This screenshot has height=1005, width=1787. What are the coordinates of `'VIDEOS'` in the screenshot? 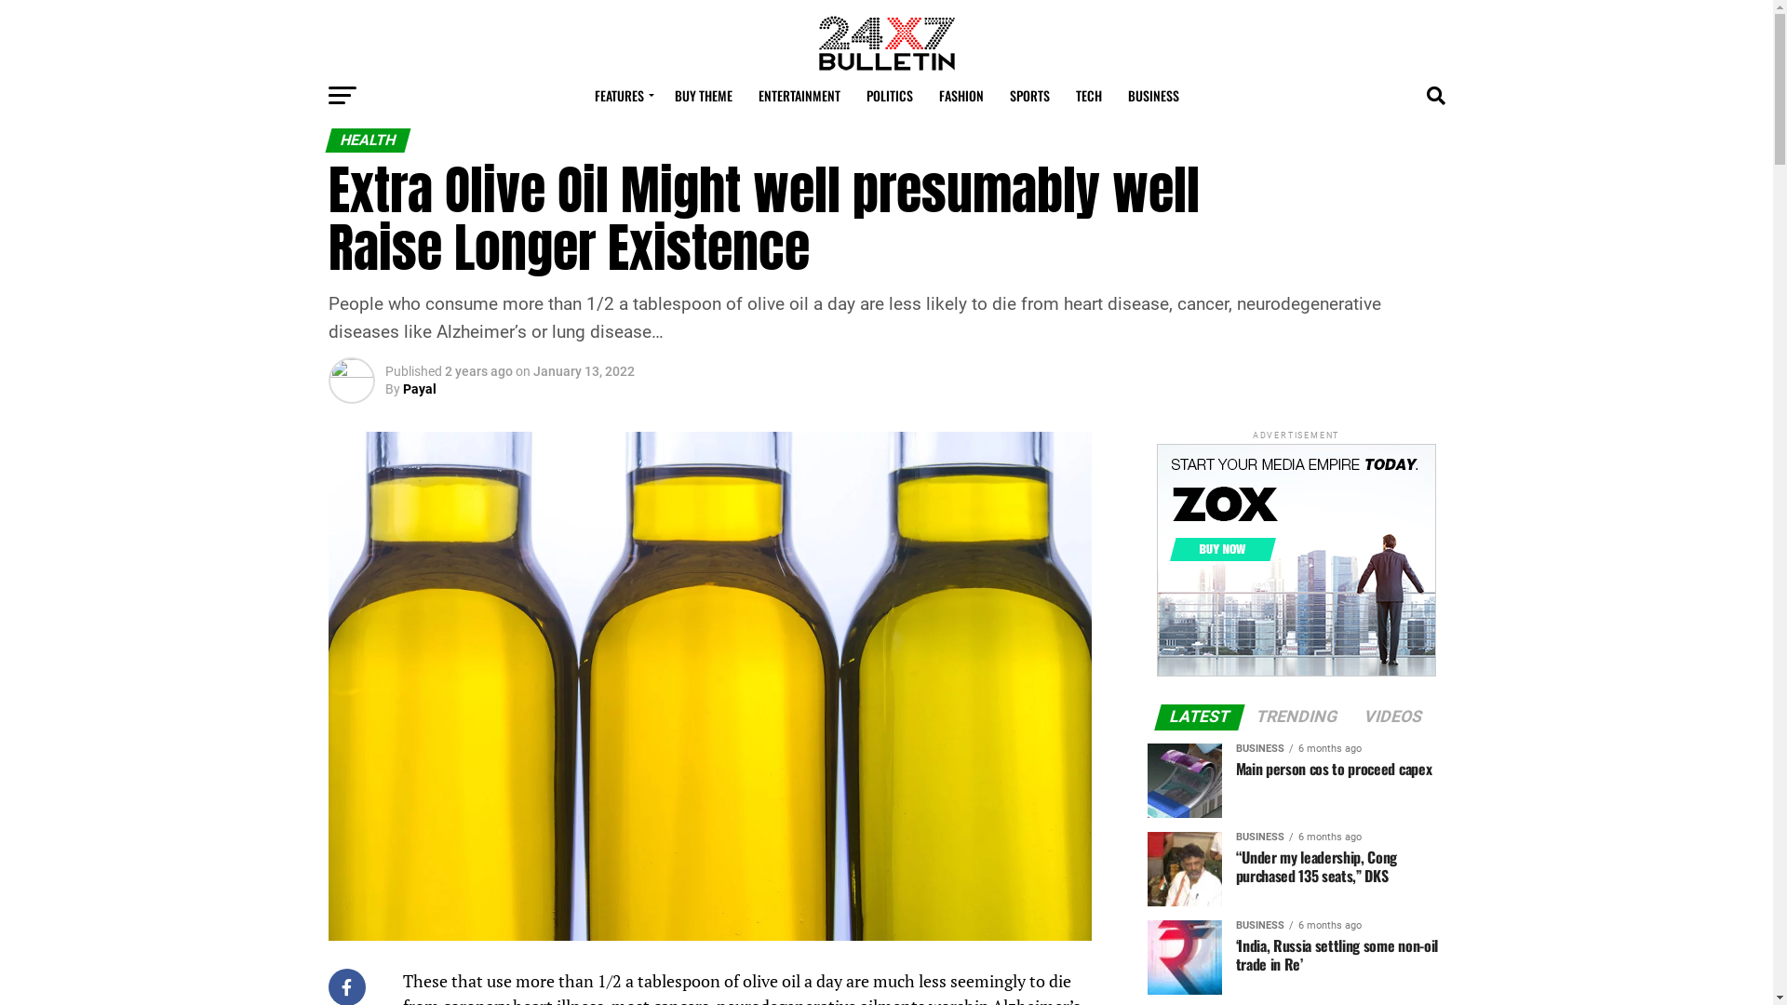 It's located at (1393, 717).